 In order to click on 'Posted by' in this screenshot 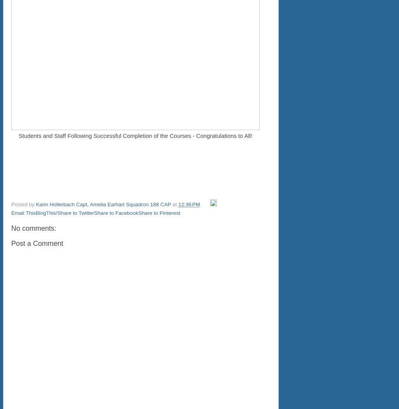, I will do `click(23, 204)`.